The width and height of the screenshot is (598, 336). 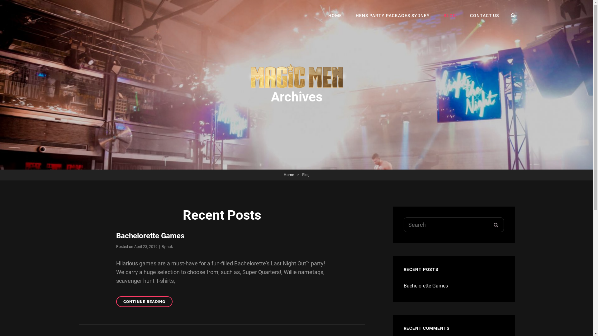 What do you see at coordinates (335, 15) in the screenshot?
I see `'HOME'` at bounding box center [335, 15].